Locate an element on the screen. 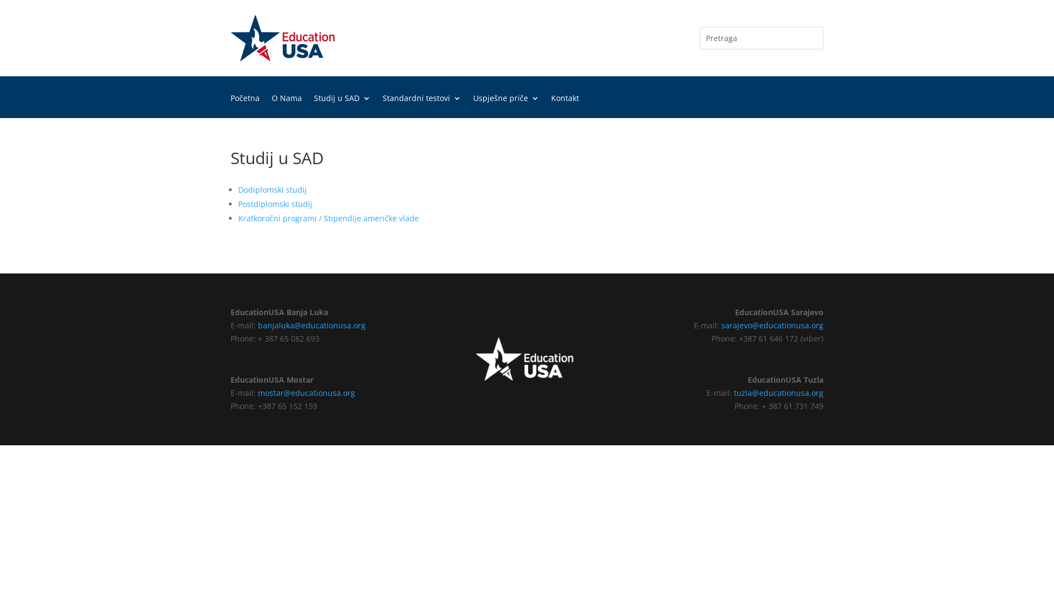  'sarajevo@educationusa.org' is located at coordinates (721, 325).